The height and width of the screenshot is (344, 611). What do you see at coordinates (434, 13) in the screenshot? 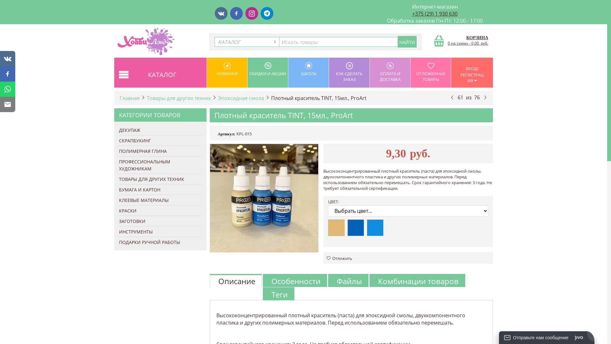
I see `'+375 (29) 1 930 630'` at bounding box center [434, 13].